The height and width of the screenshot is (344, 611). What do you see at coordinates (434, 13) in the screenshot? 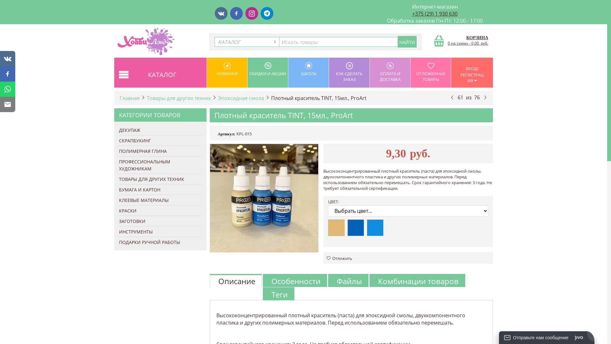
I see `'+375 (29) 1 930 630'` at bounding box center [434, 13].